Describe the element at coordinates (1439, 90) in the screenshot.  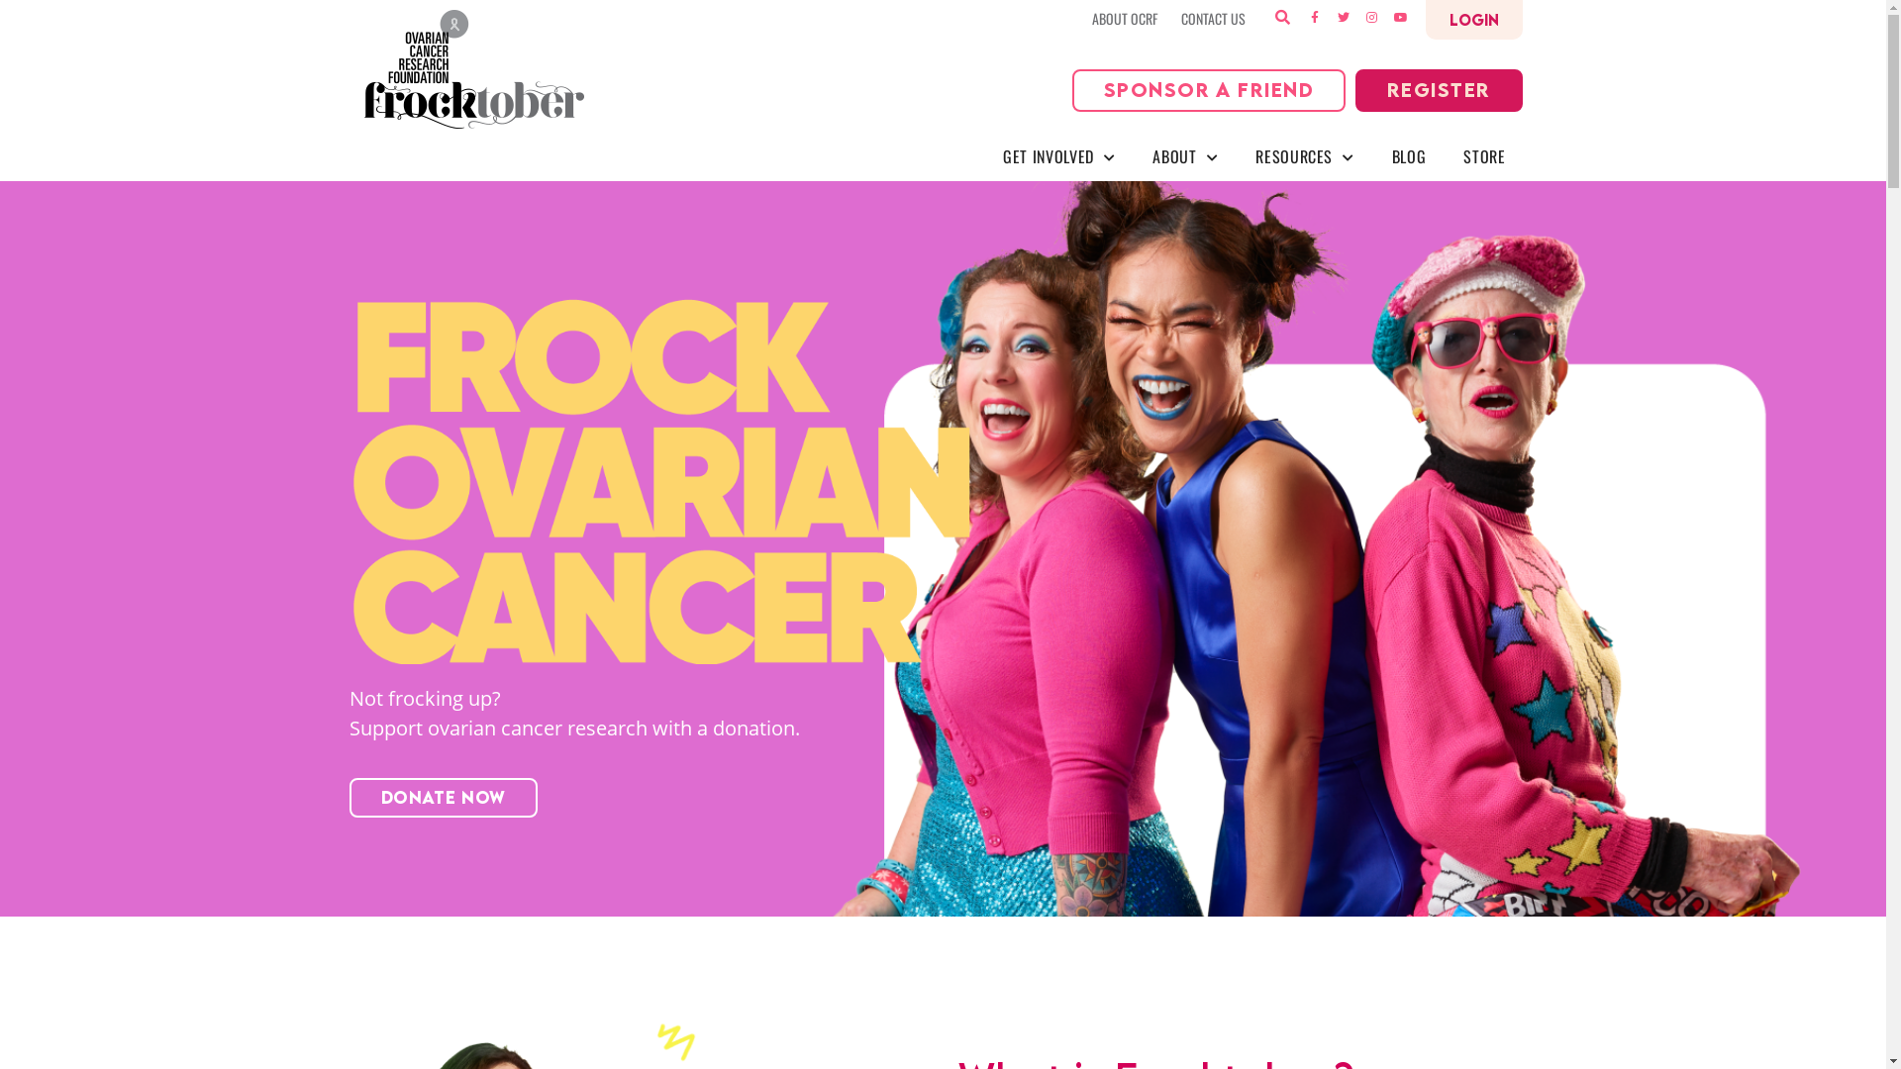
I see `'REGISTER'` at that location.